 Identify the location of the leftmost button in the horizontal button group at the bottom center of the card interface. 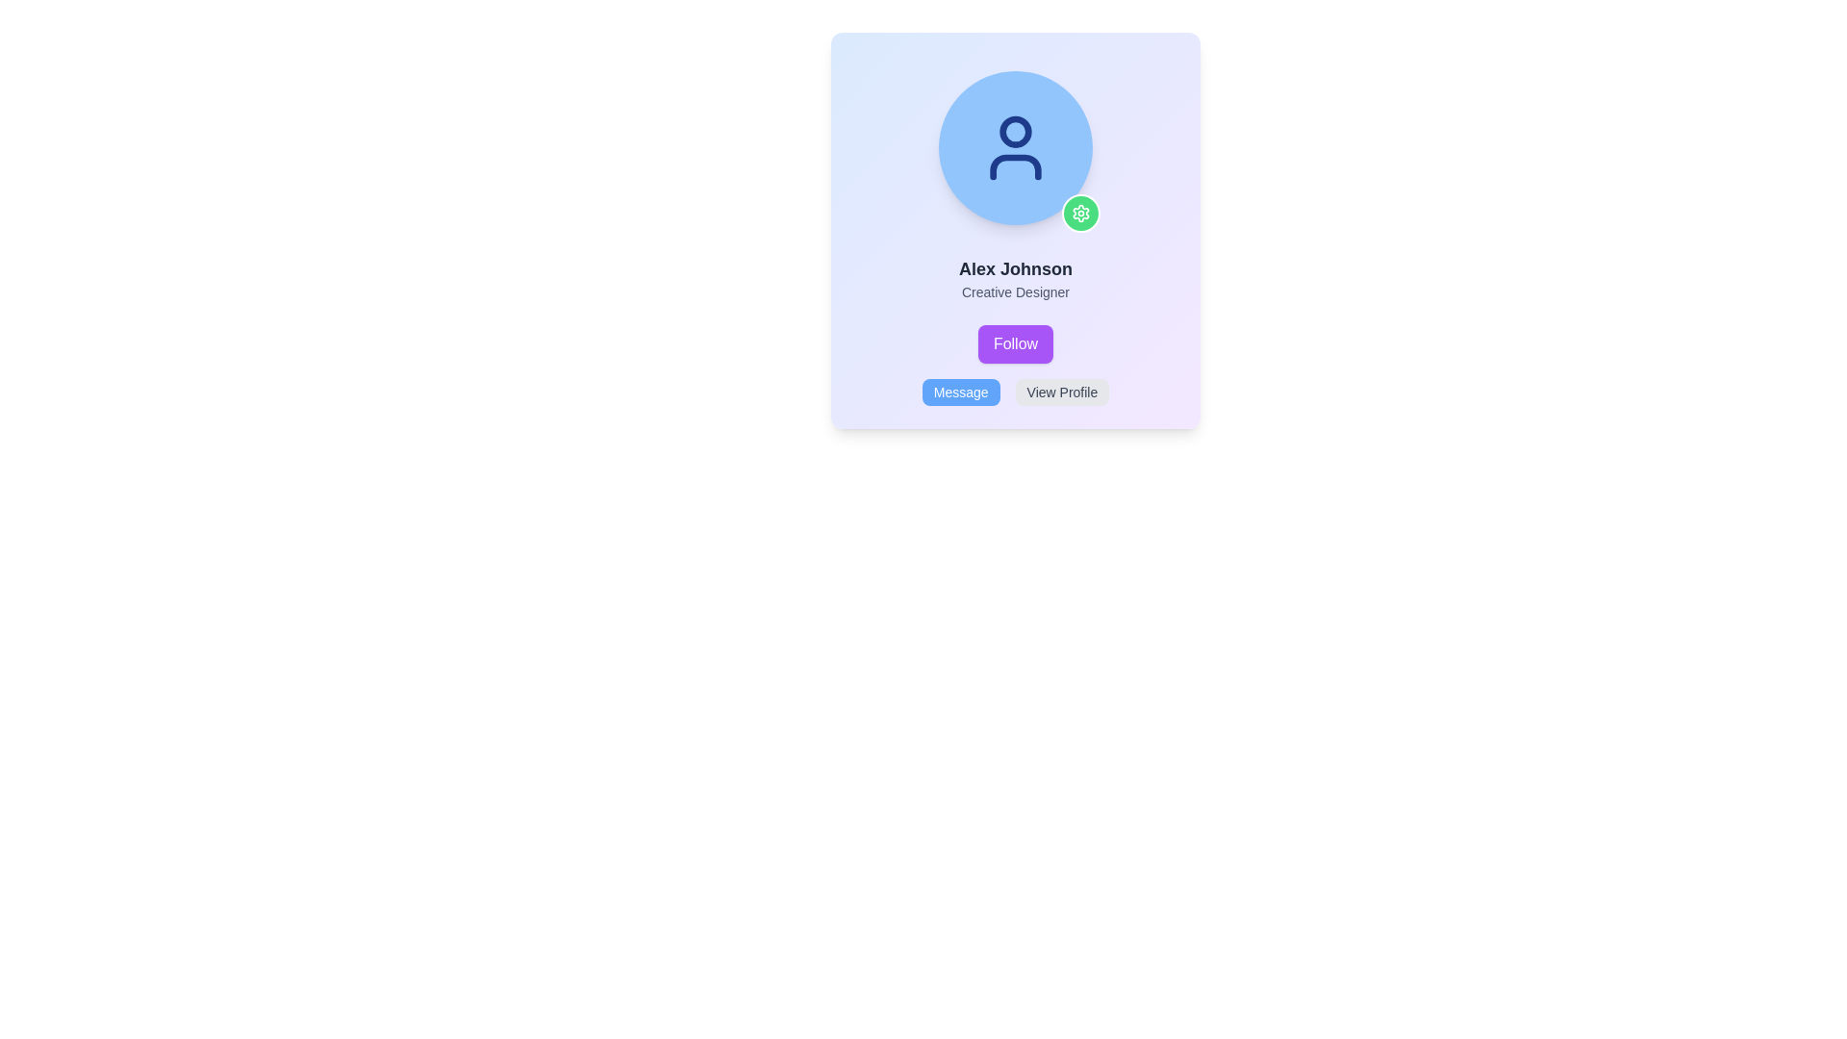
(961, 392).